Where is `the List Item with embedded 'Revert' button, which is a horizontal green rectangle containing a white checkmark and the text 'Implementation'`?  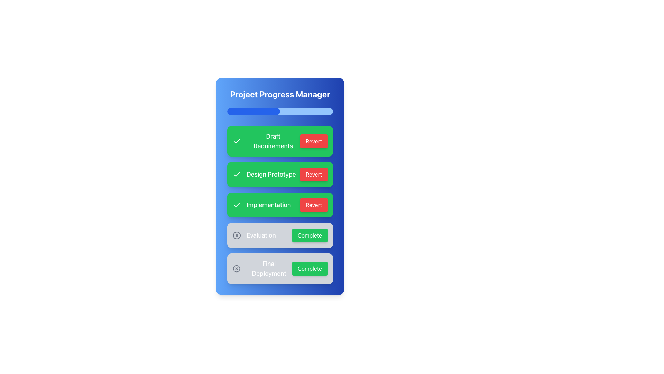 the List Item with embedded 'Revert' button, which is a horizontal green rectangle containing a white checkmark and the text 'Implementation' is located at coordinates (280, 204).